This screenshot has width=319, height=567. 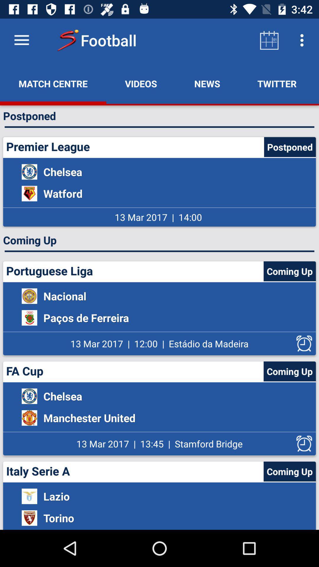 I want to click on the item next to news item, so click(x=141, y=83).